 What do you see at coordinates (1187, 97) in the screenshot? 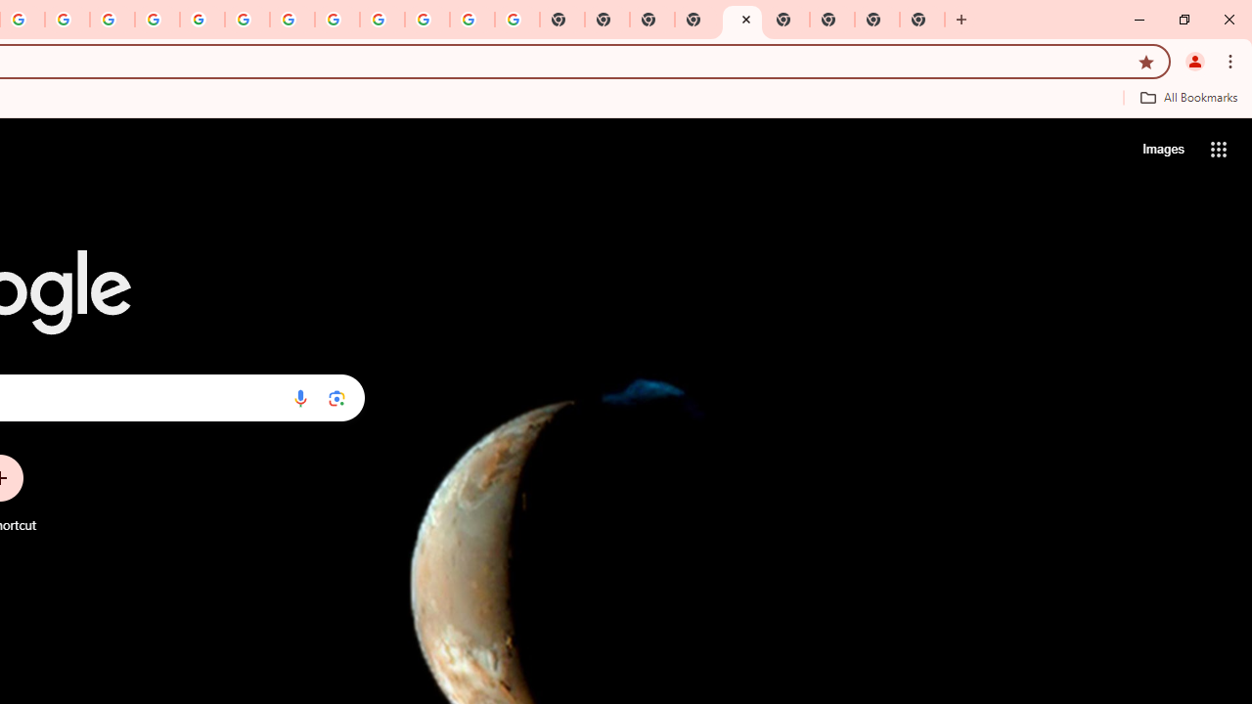
I see `'All Bookmarks'` at bounding box center [1187, 97].